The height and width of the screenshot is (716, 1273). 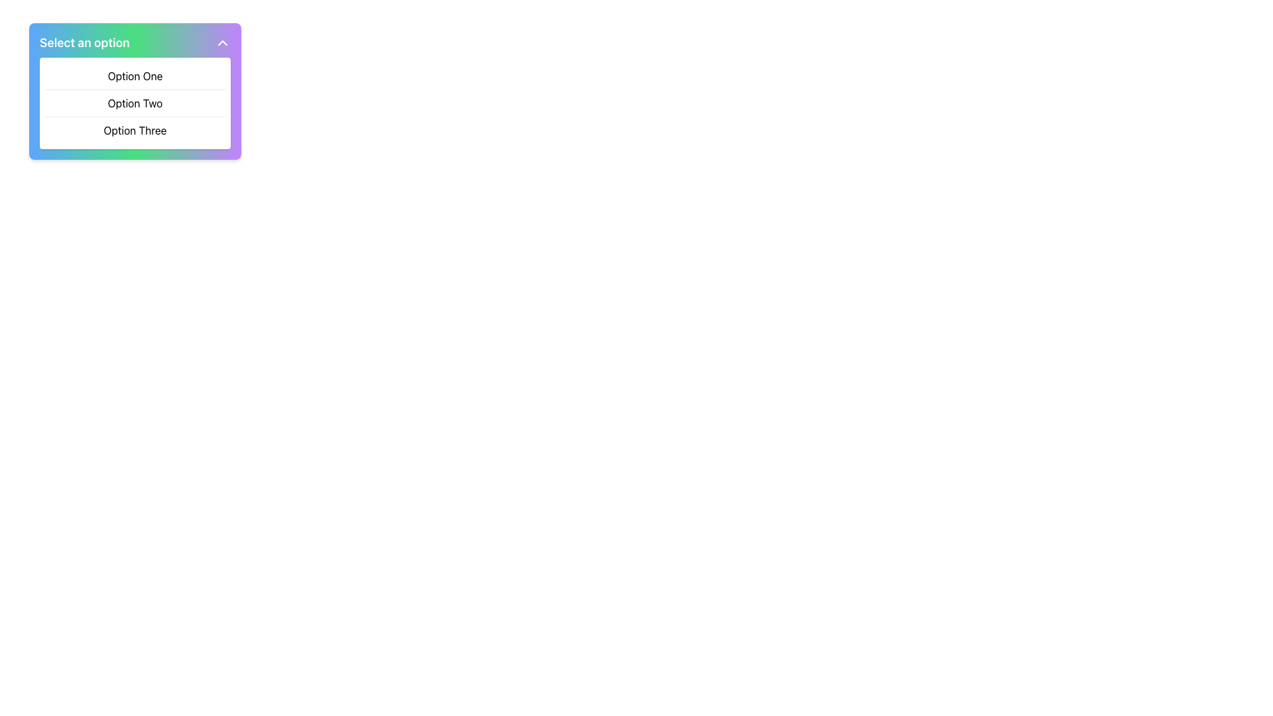 I want to click on the button located in the top-right corner of the dropdown interface, so click(x=223, y=42).